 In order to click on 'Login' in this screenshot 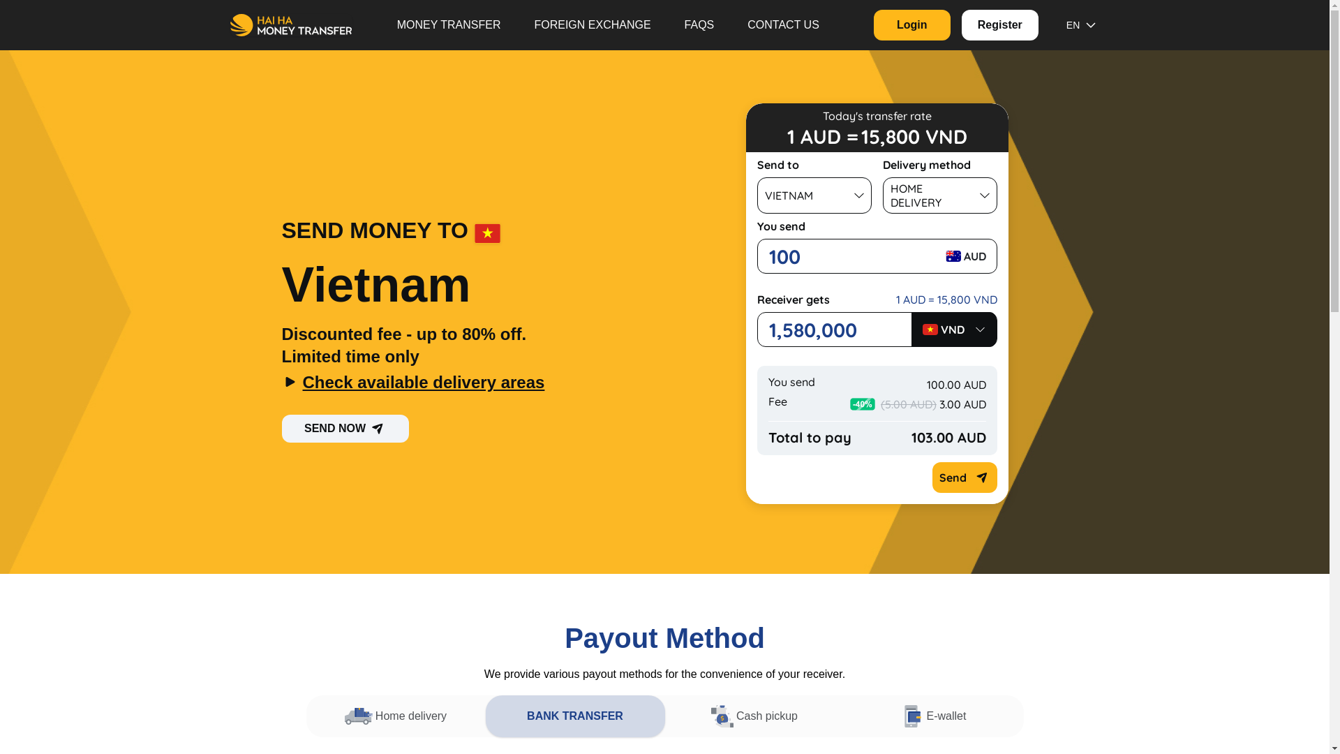, I will do `click(911, 24)`.